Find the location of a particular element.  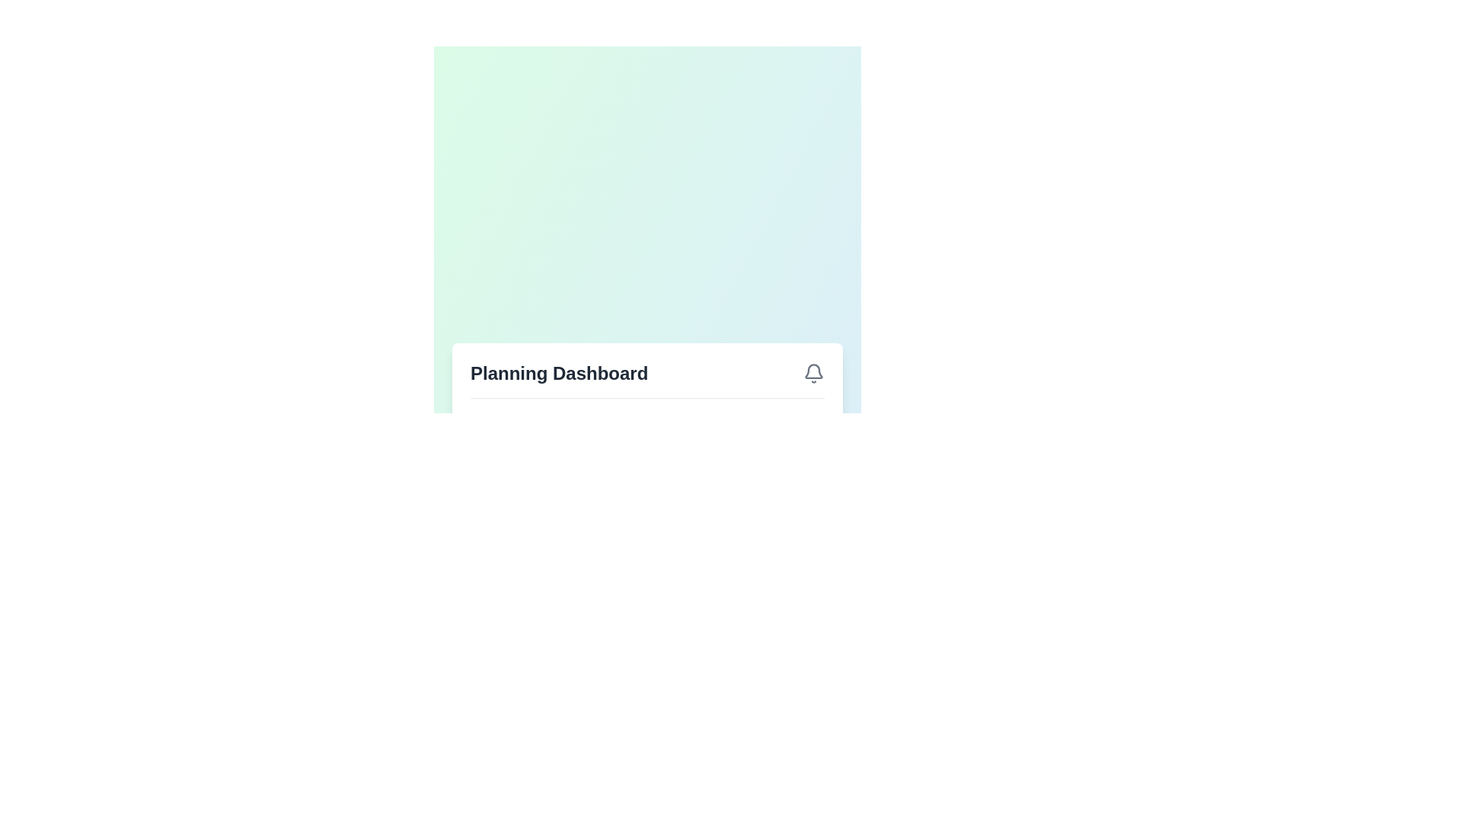

the text label displaying 'Planning Dashboard' in a bold font located in the header section, positioned to the left of the bell icon is located at coordinates (558, 373).